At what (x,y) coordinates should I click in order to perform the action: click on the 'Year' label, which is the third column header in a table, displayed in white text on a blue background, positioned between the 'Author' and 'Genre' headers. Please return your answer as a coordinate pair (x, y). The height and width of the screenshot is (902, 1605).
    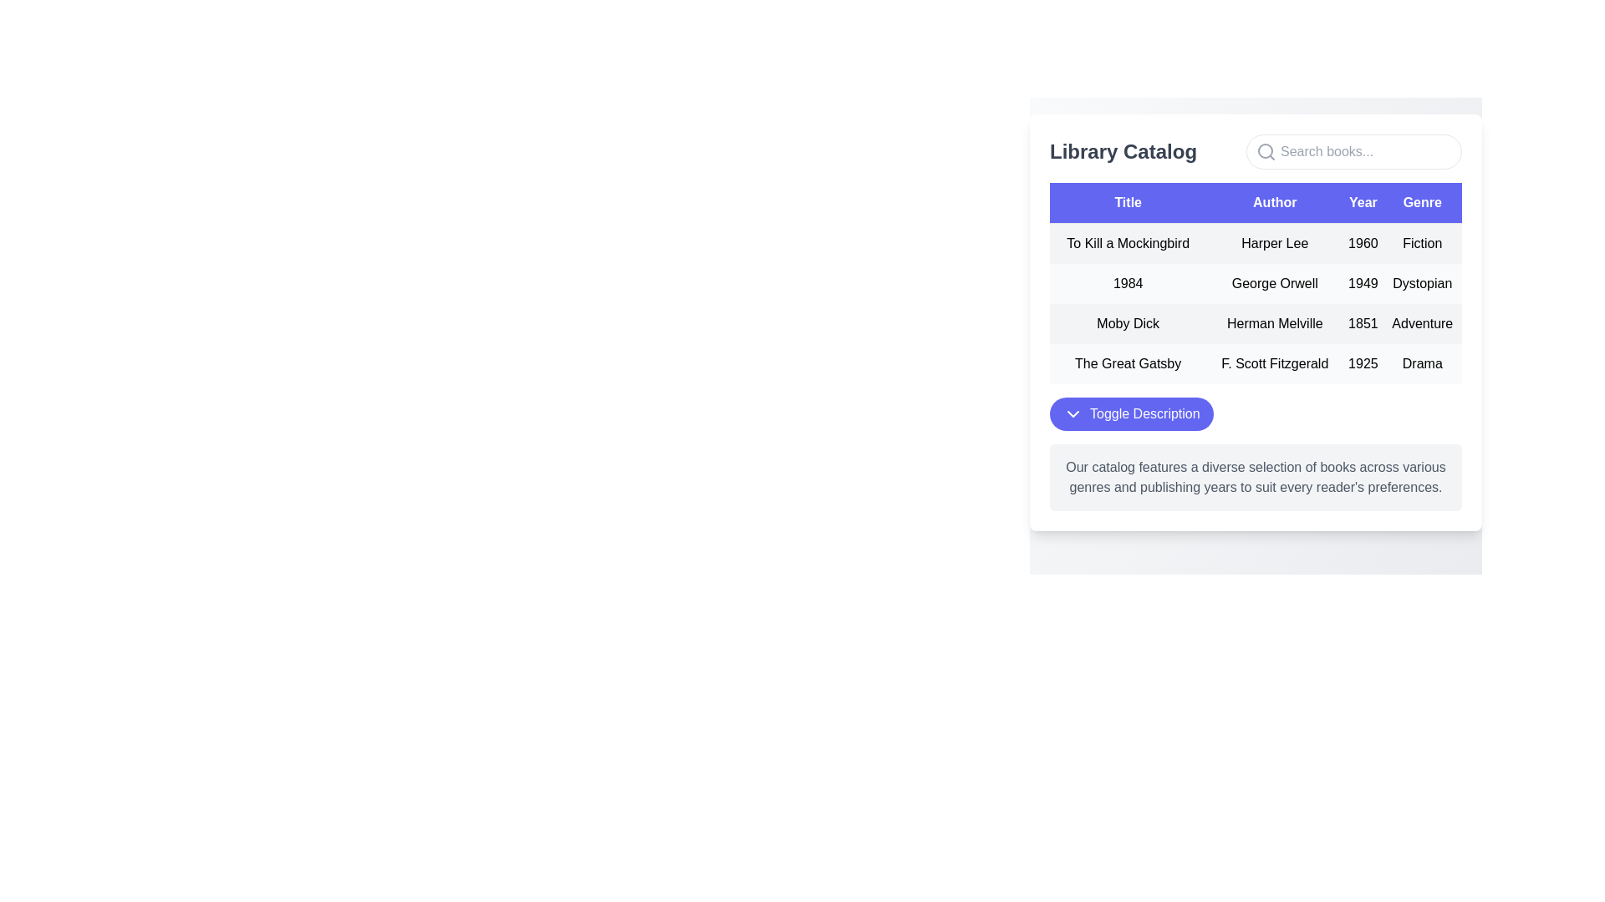
    Looking at the image, I should click on (1363, 202).